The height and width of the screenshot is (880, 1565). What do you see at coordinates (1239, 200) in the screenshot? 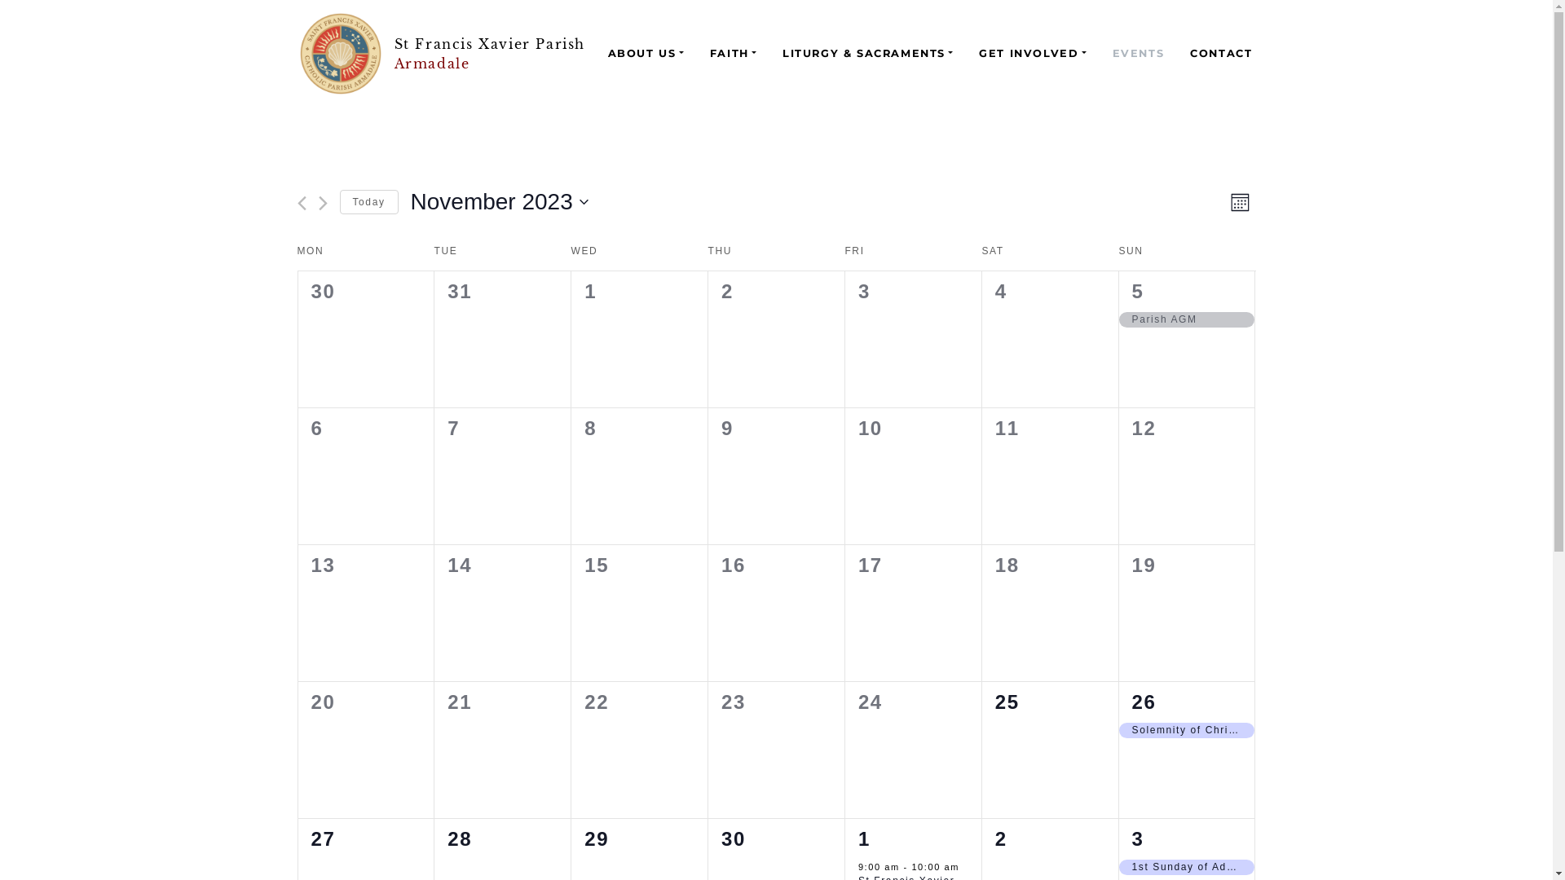
I see `'Month'` at bounding box center [1239, 200].